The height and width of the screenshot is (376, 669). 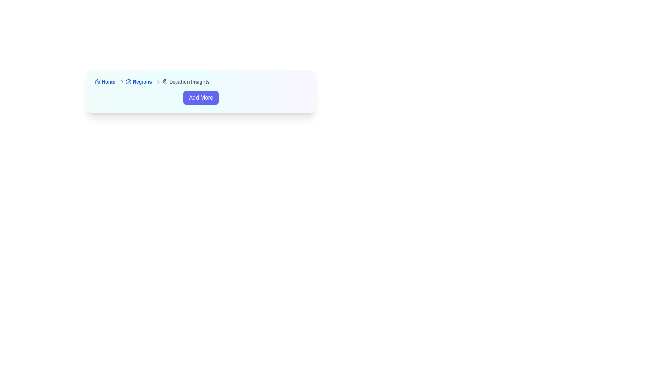 What do you see at coordinates (105, 81) in the screenshot?
I see `the 'Home' link in the breadcrumb navigation bar to underline the text, which is displayed in blue and accompanied by a house-shaped icon` at bounding box center [105, 81].